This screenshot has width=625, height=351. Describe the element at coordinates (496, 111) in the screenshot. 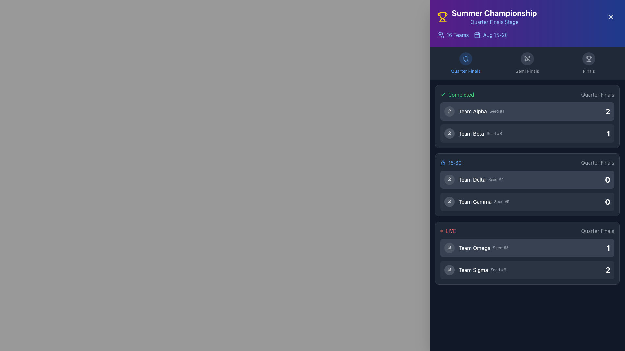

I see `the label displaying the seeding number of 'Team Alpha' located in the 'Completed' section of the results list` at that location.